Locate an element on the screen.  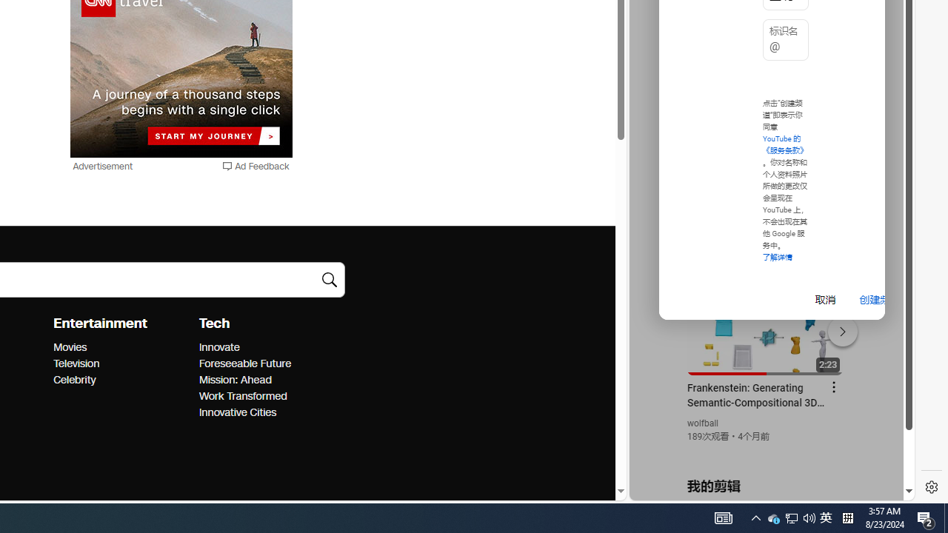
'Mission: Ahead' is located at coordinates (267, 379).